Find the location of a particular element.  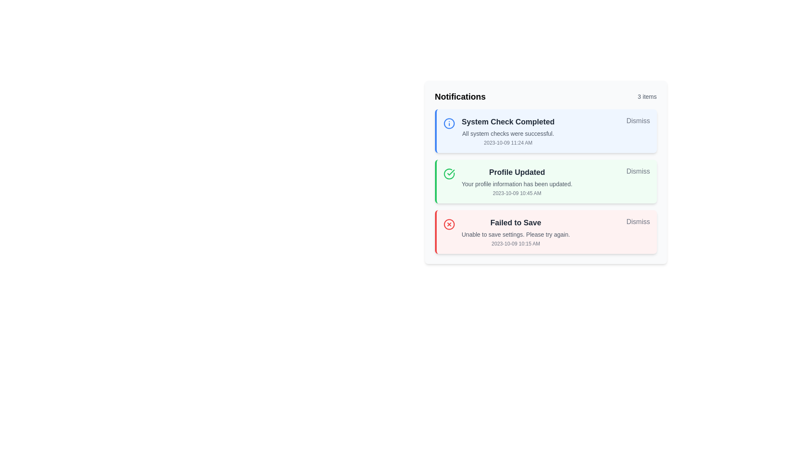

the notification message titled 'Profile Updated' which is located in the notification panel, specifically the second notification in a vertically stacked list is located at coordinates (517, 181).